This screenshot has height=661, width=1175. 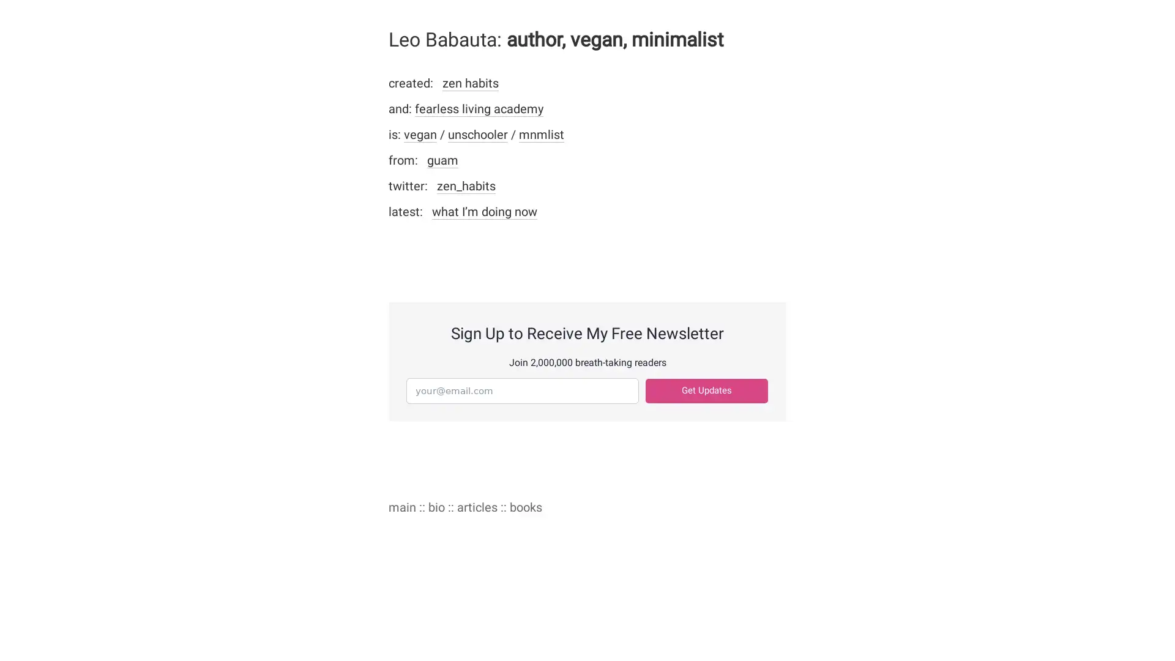 What do you see at coordinates (707, 390) in the screenshot?
I see `Get Updates` at bounding box center [707, 390].